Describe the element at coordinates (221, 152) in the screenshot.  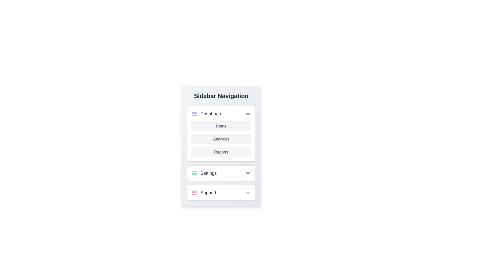
I see `the 'Reports' navigation button, which is the third button in the sidebar menu, located directly below the 'Analytics' button` at that location.